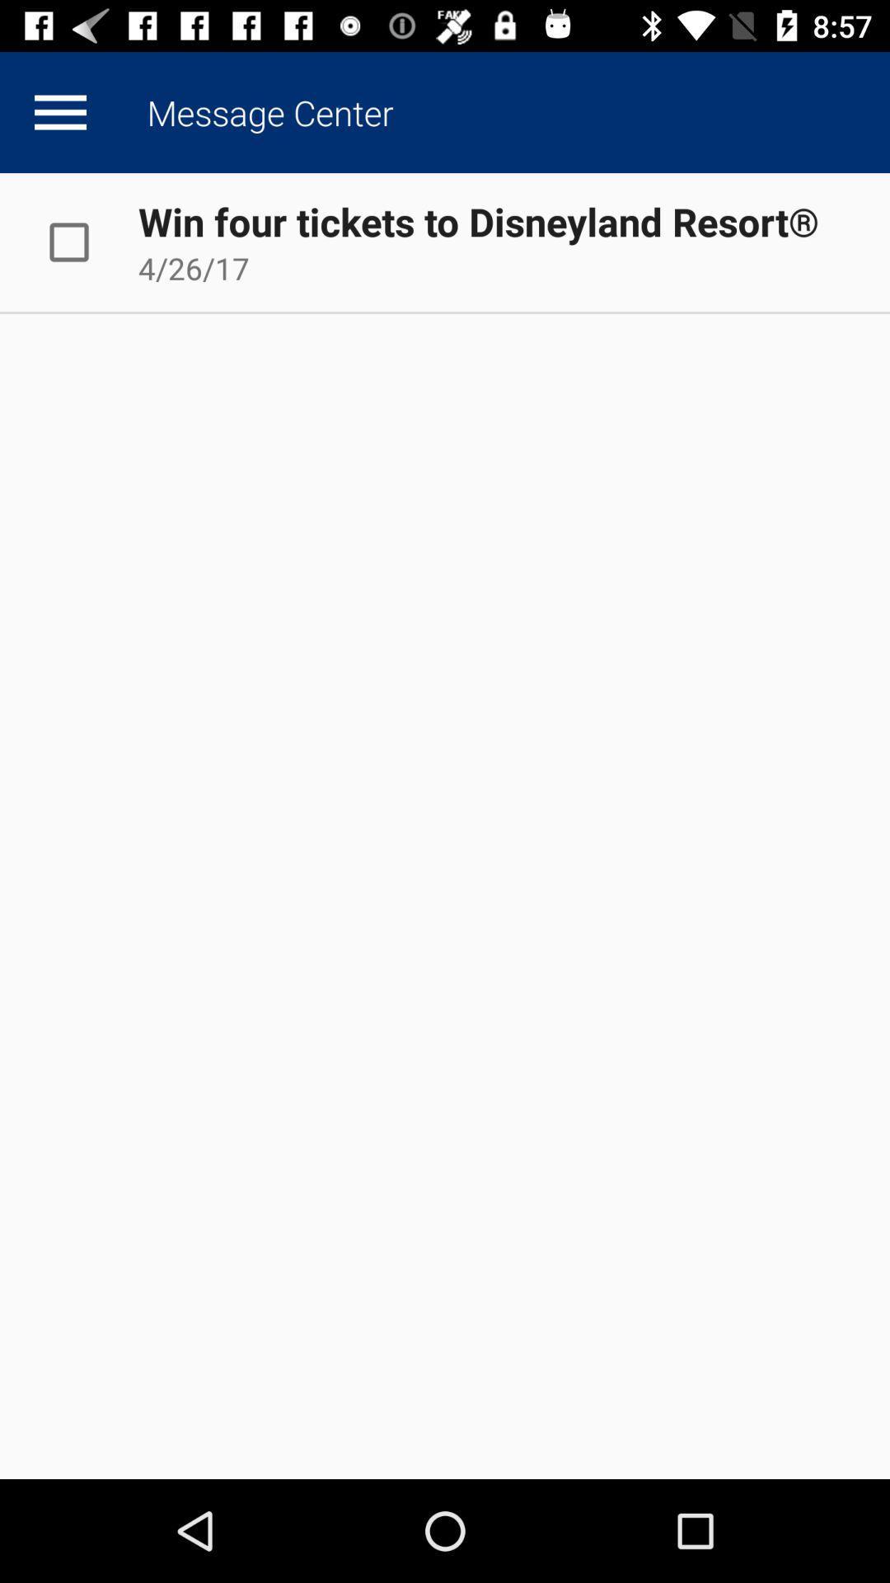  Describe the element at coordinates (59, 111) in the screenshot. I see `show more data` at that location.